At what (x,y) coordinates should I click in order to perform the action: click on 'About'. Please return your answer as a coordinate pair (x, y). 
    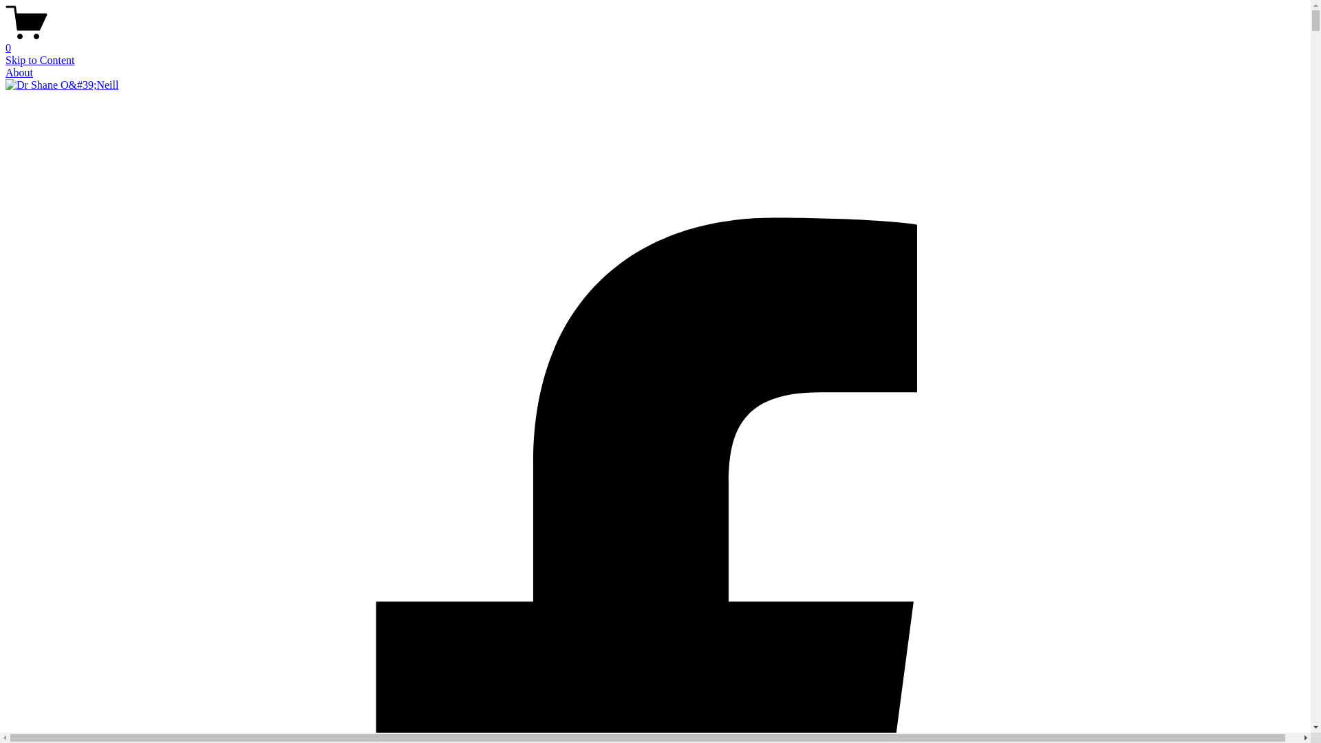
    Looking at the image, I should click on (6, 72).